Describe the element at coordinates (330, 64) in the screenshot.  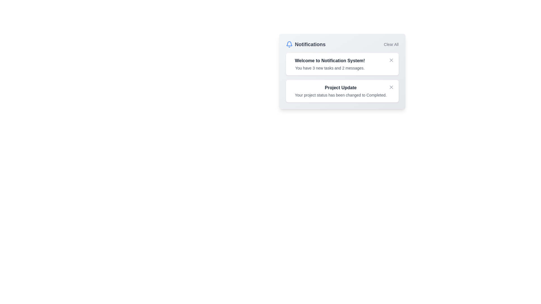
I see `the informational text display that shows the greeting message 'Welcome to Notification System!' and the supporting text about new tasks and messages` at that location.